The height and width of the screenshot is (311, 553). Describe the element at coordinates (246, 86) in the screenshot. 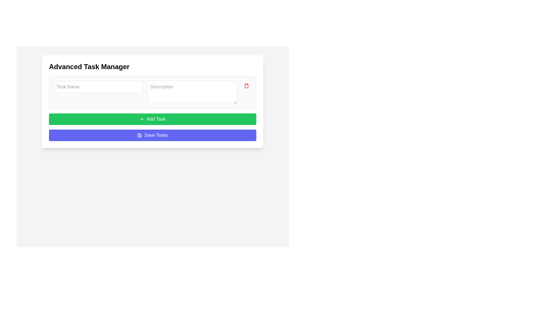

I see `the delete icon within the red-styled button located at the top right of the task management section` at that location.